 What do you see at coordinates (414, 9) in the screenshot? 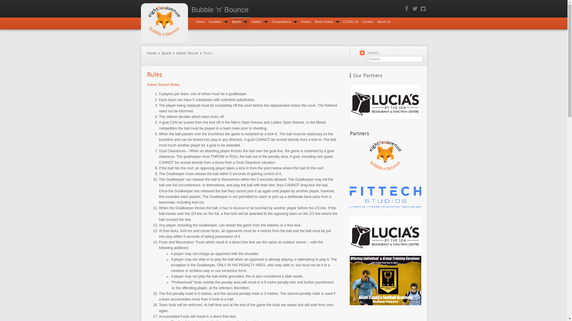
I see `'Twitter'` at bounding box center [414, 9].